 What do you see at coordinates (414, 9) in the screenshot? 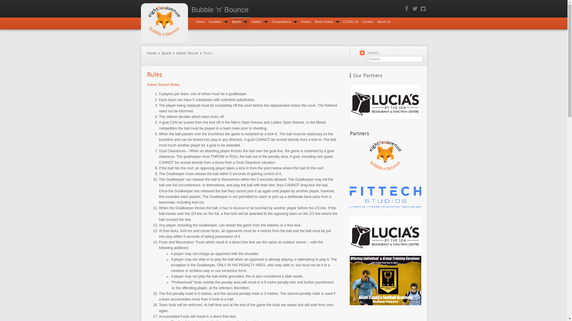
I see `'Twitter'` at bounding box center [414, 9].